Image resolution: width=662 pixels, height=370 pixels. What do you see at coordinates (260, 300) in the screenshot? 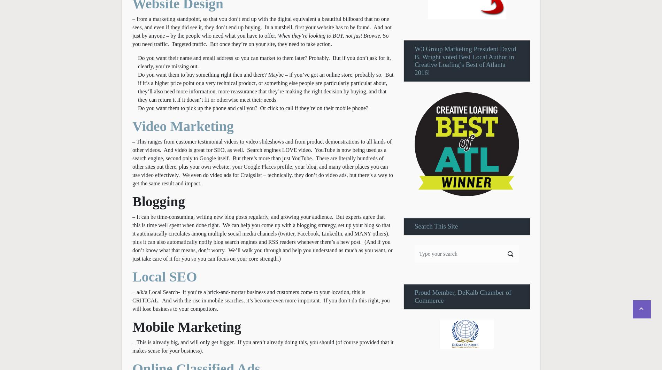
I see `'– a/k/a Local Search-  if you’re a brick-and-mortar business and customers come to your location, this is CRITICAL.  And with the rise in mobile searches, it’s become even more important.  If you don’t do this right, you will lose business to your competitors.'` at bounding box center [260, 300].